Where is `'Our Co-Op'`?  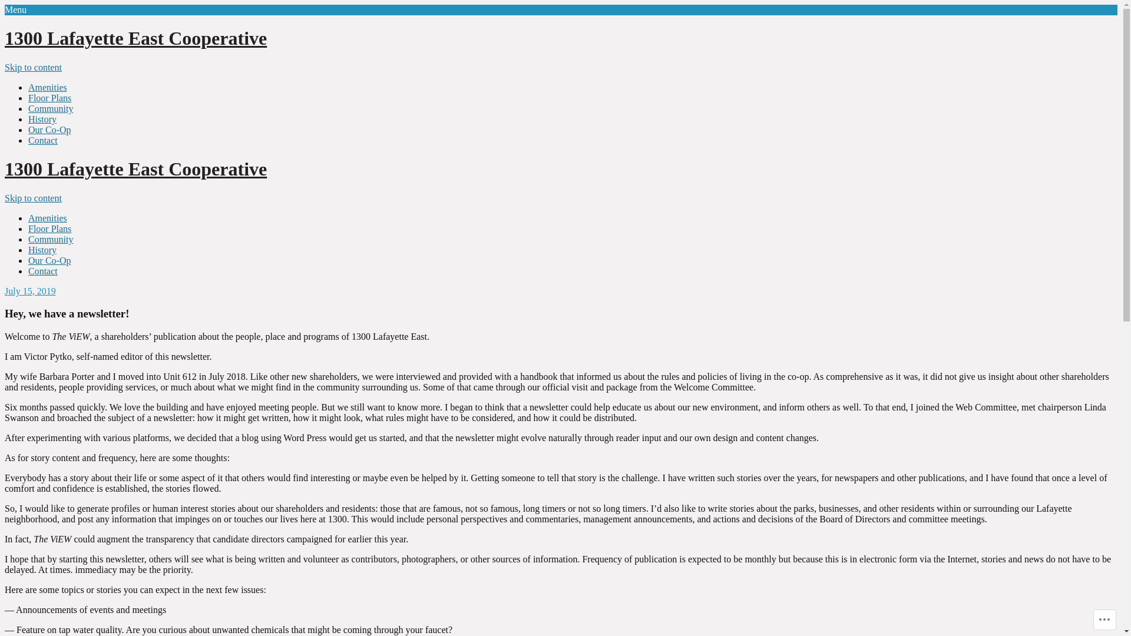 'Our Co-Op' is located at coordinates (48, 130).